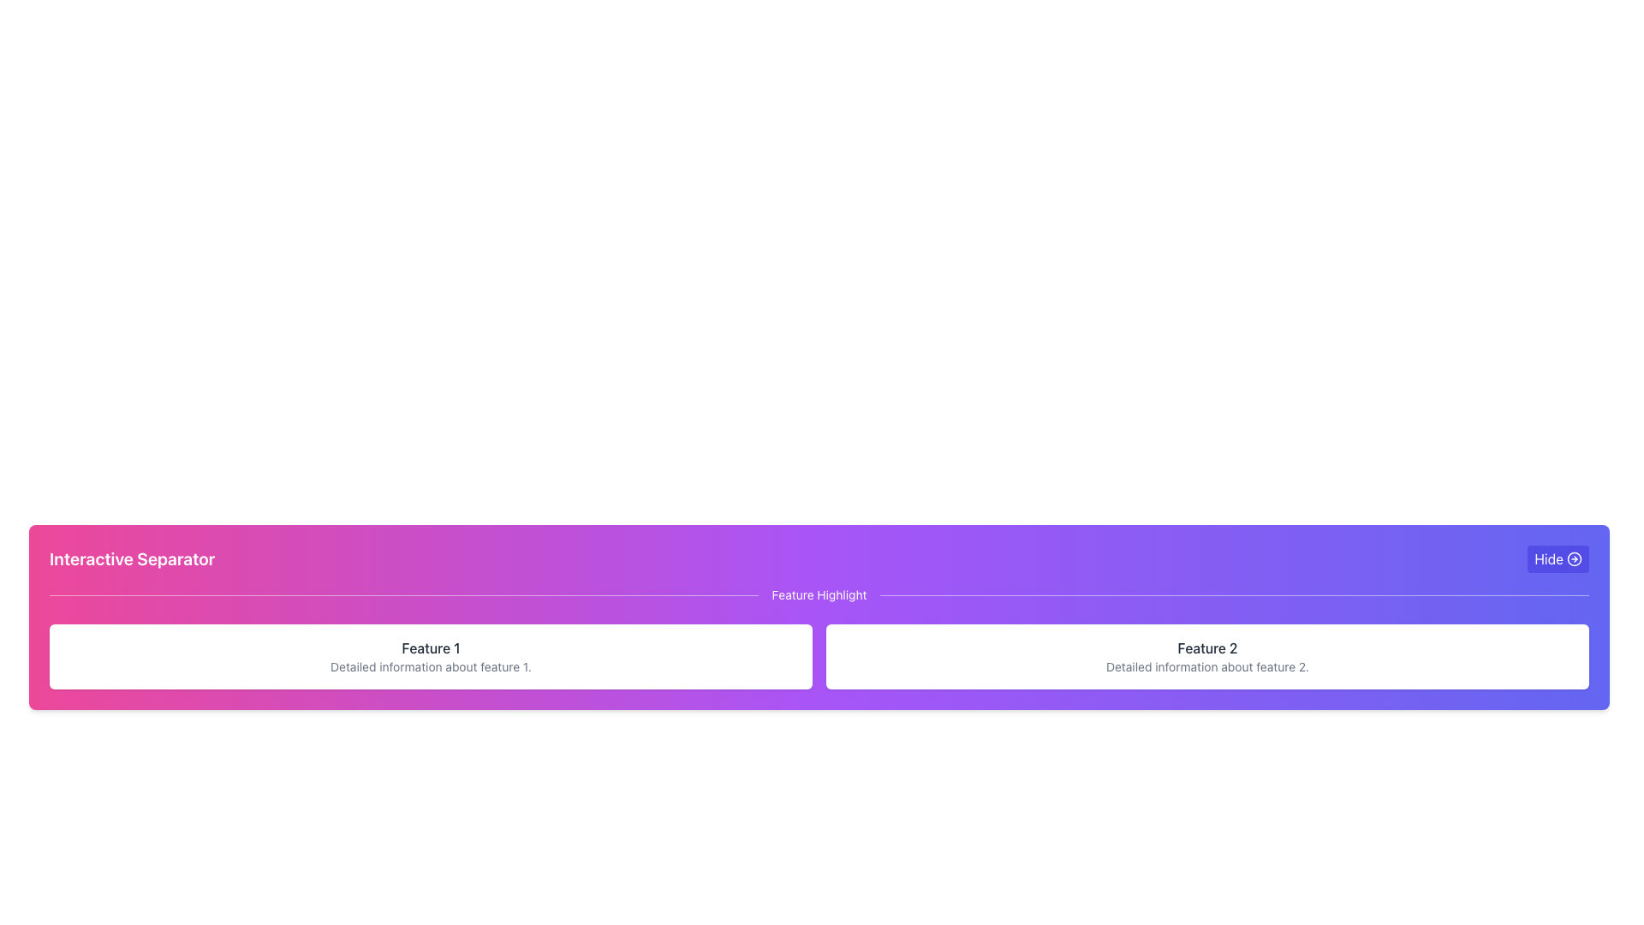 The width and height of the screenshot is (1644, 925). What do you see at coordinates (1574, 558) in the screenshot?
I see `the icon within the 'Hide' button located at the top-right corner of the horizontal panel, which serves as a visual cue for navigation or confirming the 'Hide' functionality` at bounding box center [1574, 558].